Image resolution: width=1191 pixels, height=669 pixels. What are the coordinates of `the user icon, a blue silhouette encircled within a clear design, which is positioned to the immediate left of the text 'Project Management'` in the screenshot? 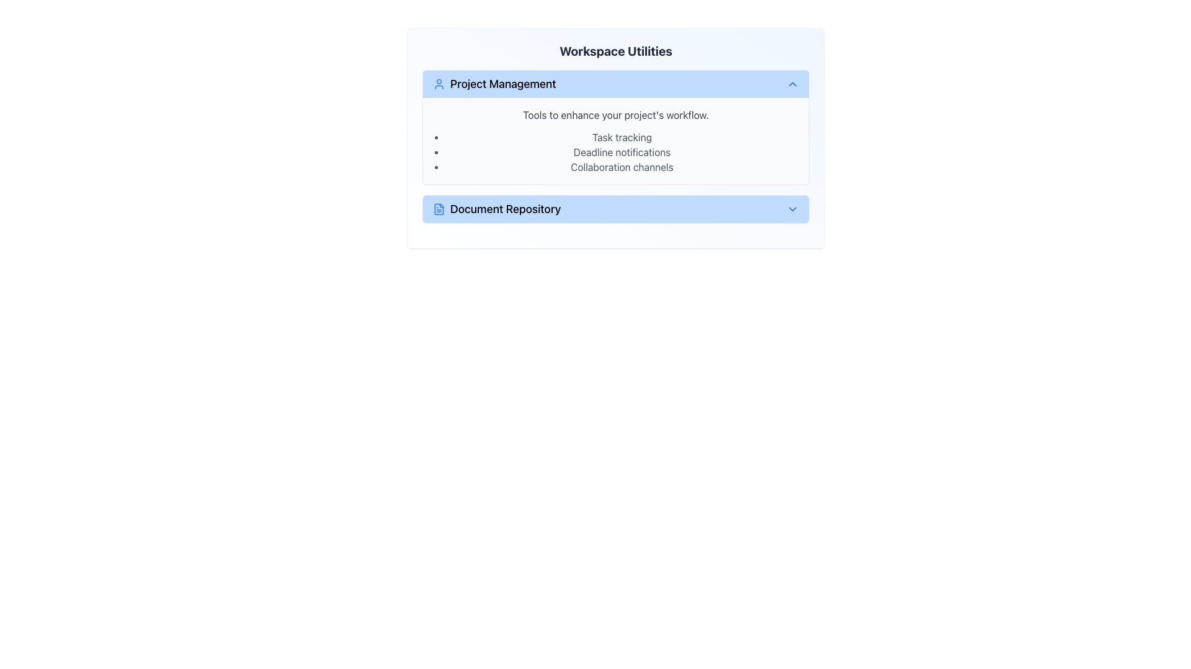 It's located at (439, 84).